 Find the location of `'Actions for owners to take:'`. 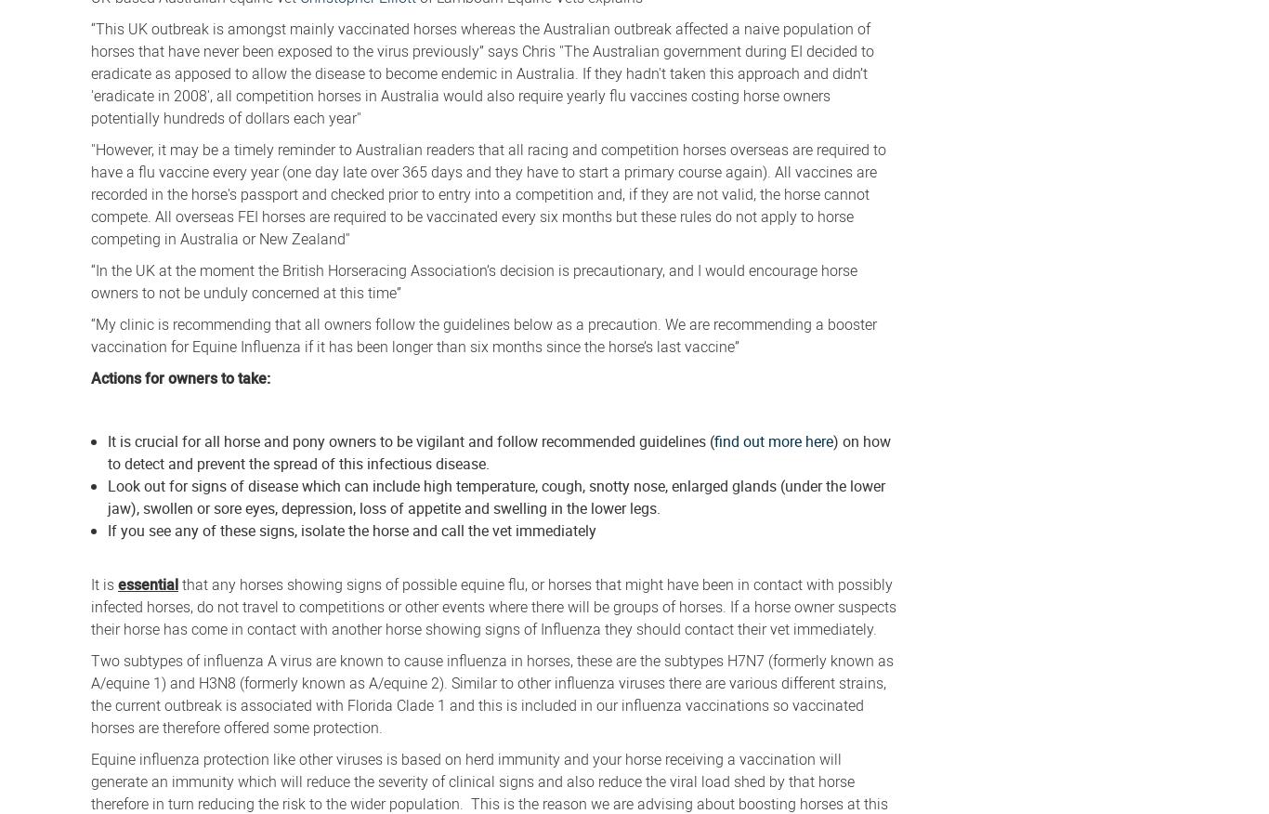

'Actions for owners to take:' is located at coordinates (189, 377).